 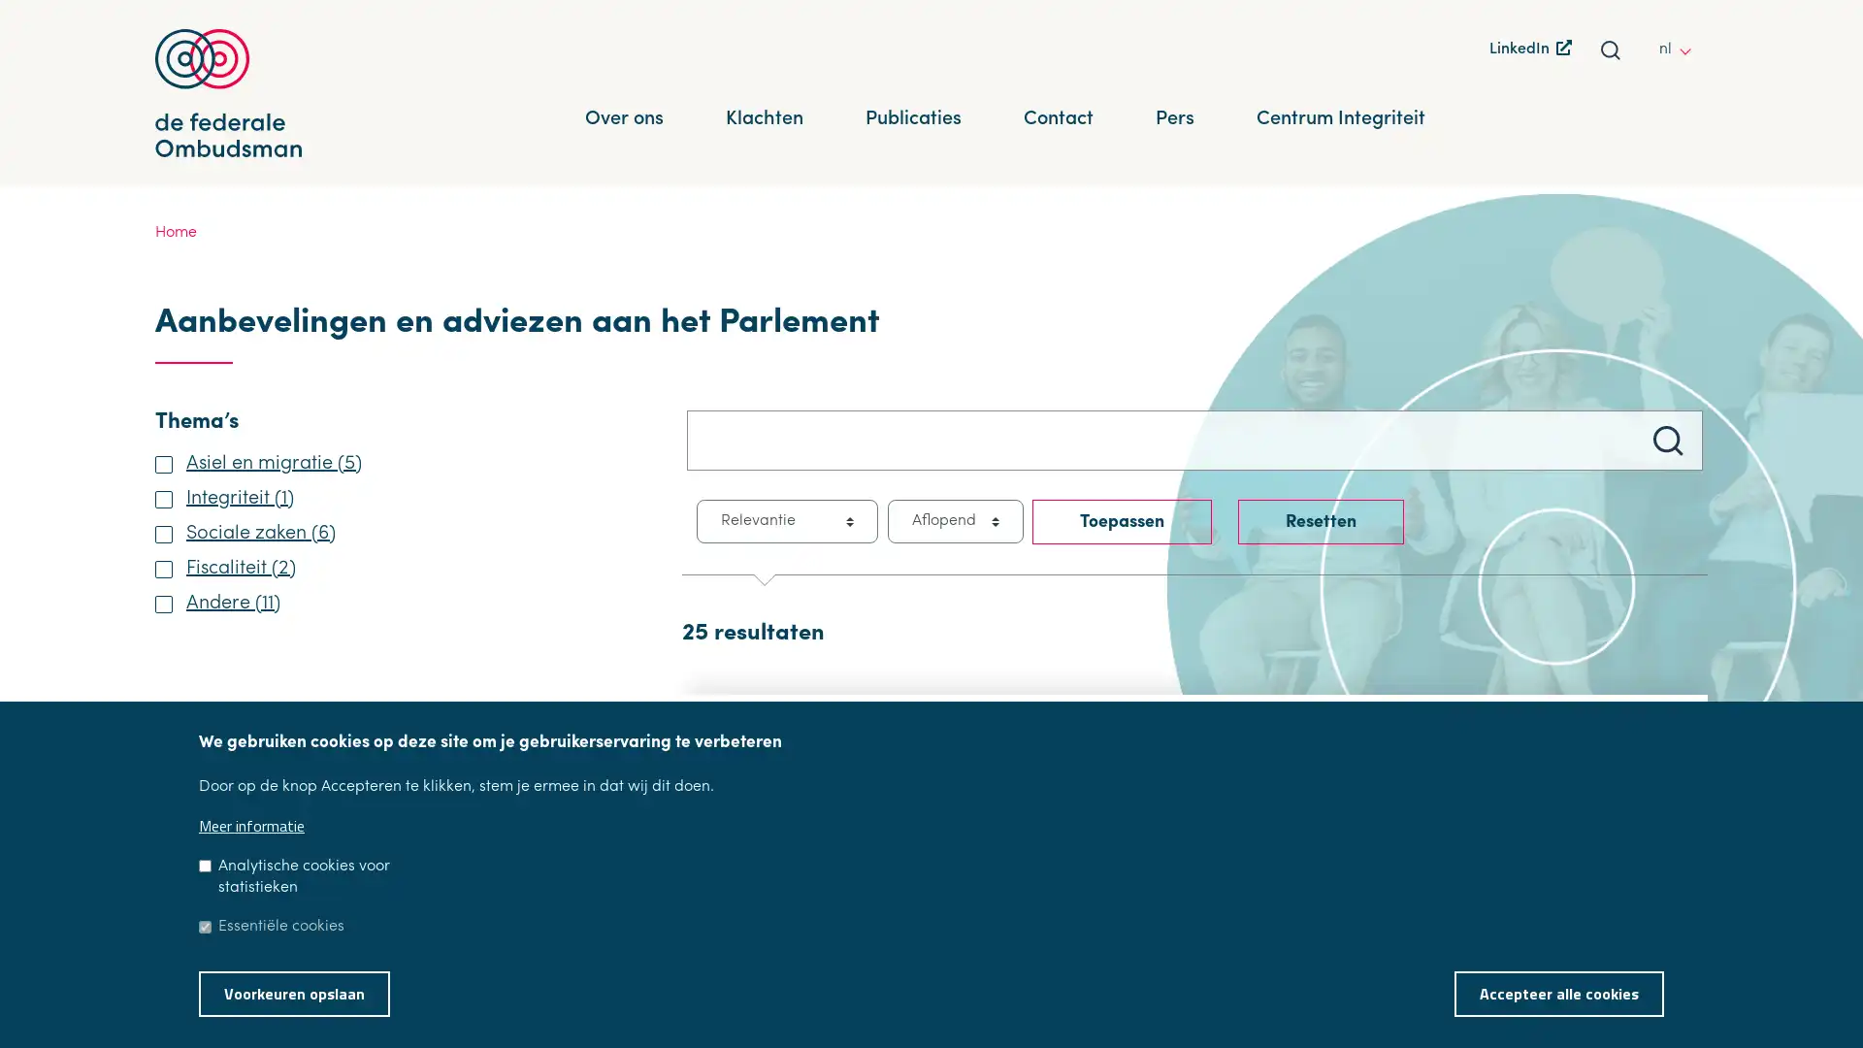 What do you see at coordinates (1689, 48) in the screenshot?
I see `other languages` at bounding box center [1689, 48].